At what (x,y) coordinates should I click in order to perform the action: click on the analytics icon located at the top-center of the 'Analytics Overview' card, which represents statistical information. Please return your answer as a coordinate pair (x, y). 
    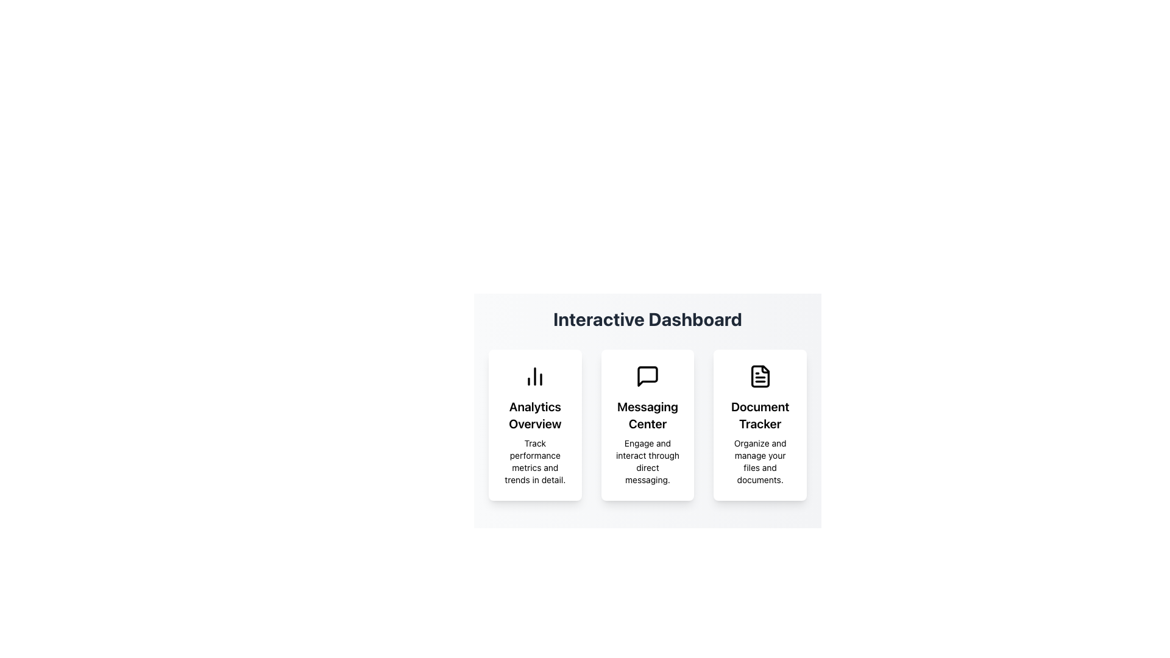
    Looking at the image, I should click on (535, 375).